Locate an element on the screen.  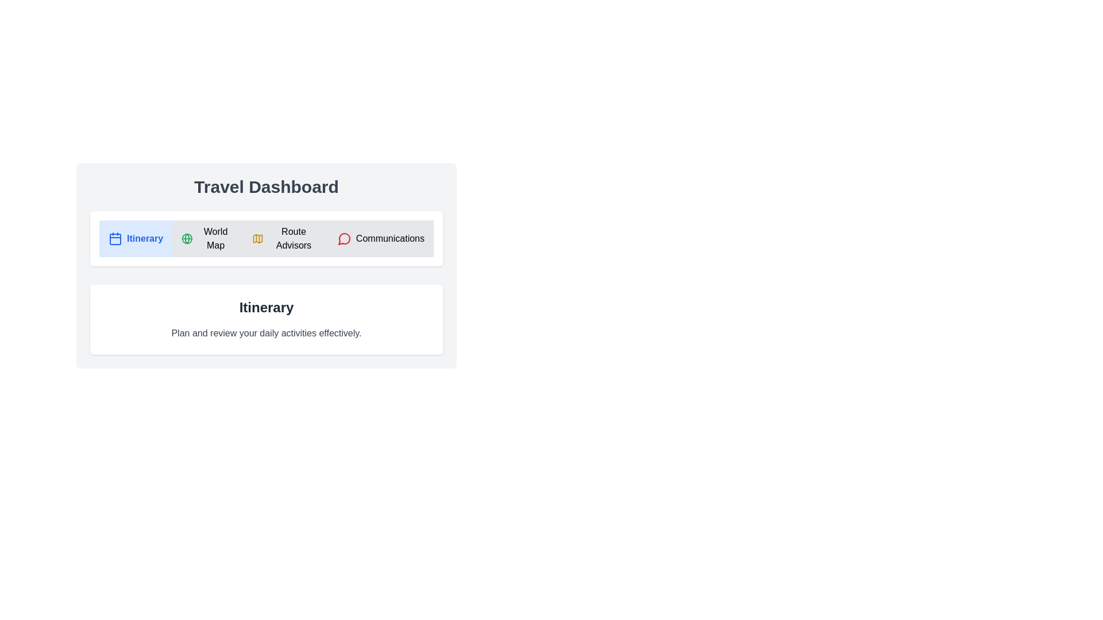
the tab titled Itinerary to switch to it is located at coordinates (135, 238).